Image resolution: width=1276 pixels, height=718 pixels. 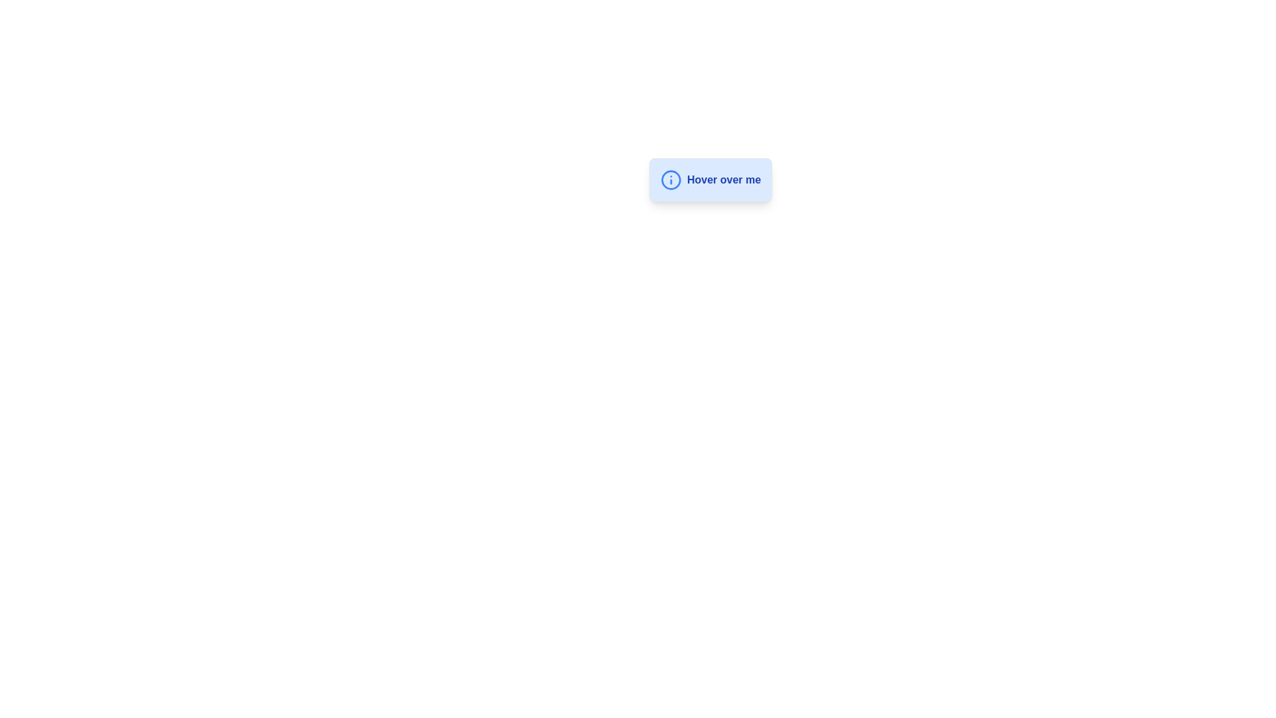 What do you see at coordinates (671, 179) in the screenshot?
I see `the circular SVG circle shape within the info icon, which is located near the left edge inside the 'Hover over me' button` at bounding box center [671, 179].